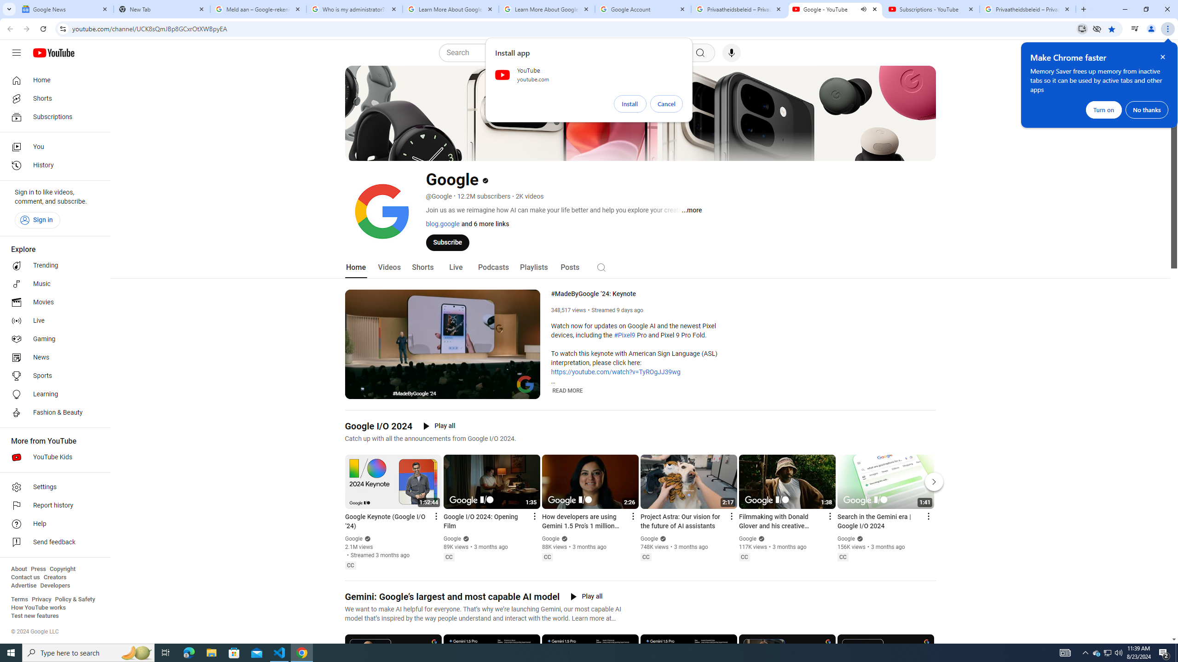 The height and width of the screenshot is (662, 1178). What do you see at coordinates (55, 585) in the screenshot?
I see `'Developers'` at bounding box center [55, 585].